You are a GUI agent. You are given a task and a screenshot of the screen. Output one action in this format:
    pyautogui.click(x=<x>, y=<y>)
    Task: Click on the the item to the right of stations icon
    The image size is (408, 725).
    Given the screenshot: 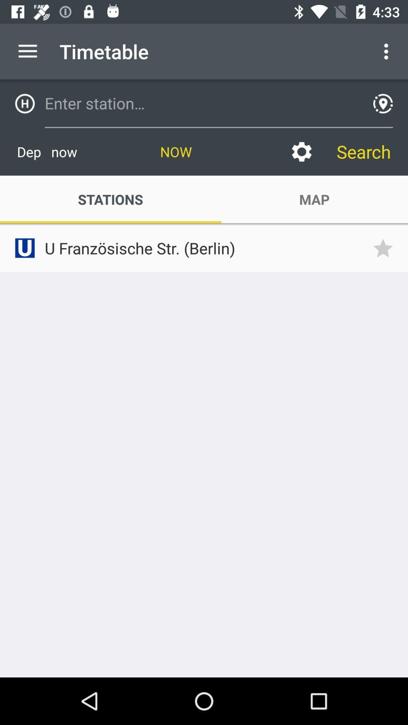 What is the action you would take?
    pyautogui.click(x=314, y=199)
    